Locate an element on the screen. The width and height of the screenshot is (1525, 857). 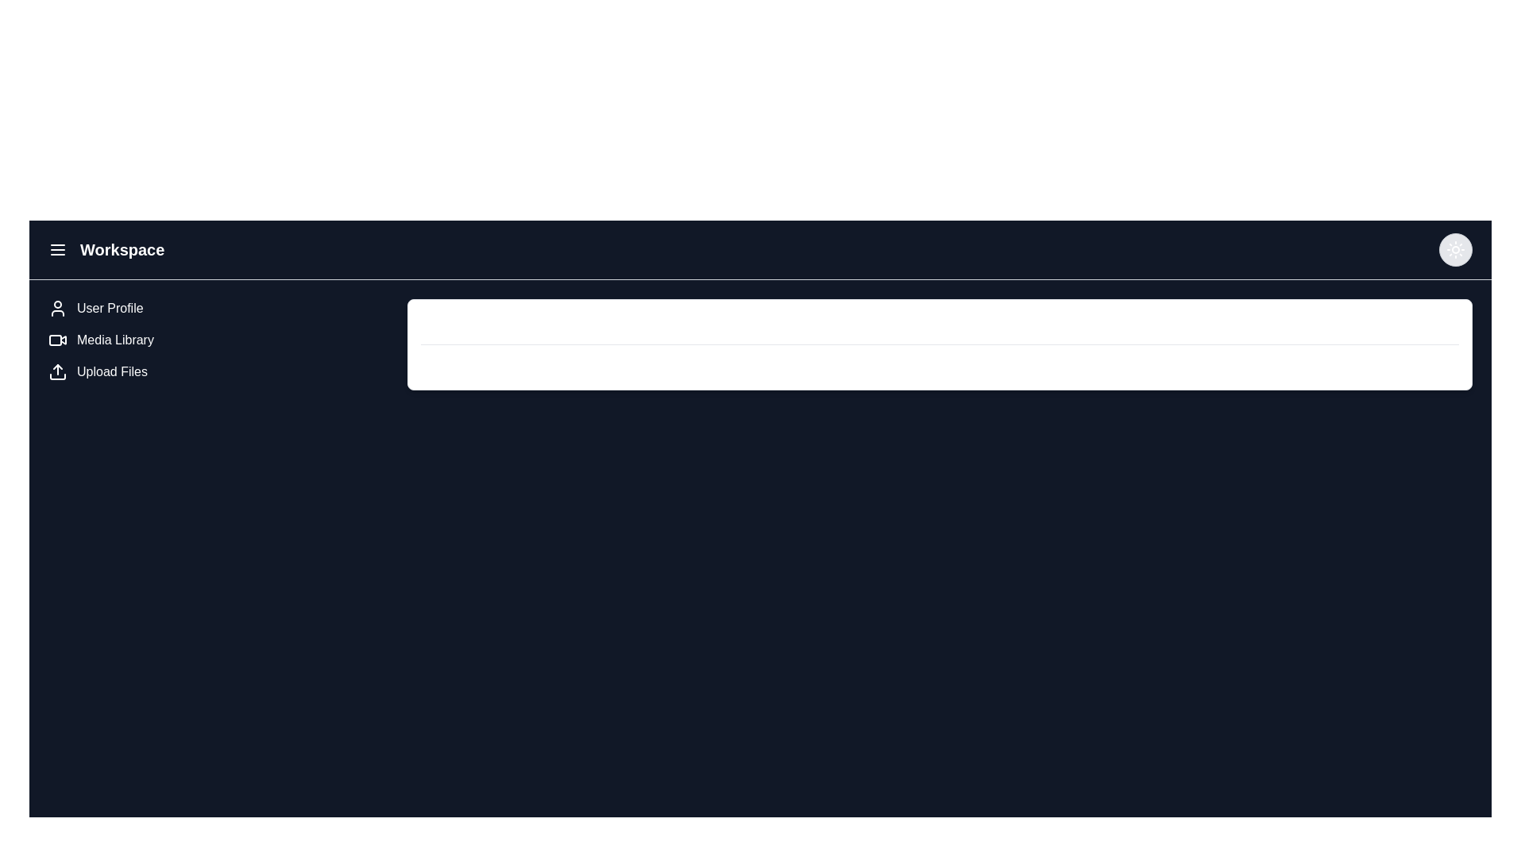
the menu toggle button located at the top-left corner of the page, adjacent to the text 'Workspace' is located at coordinates (57, 250).